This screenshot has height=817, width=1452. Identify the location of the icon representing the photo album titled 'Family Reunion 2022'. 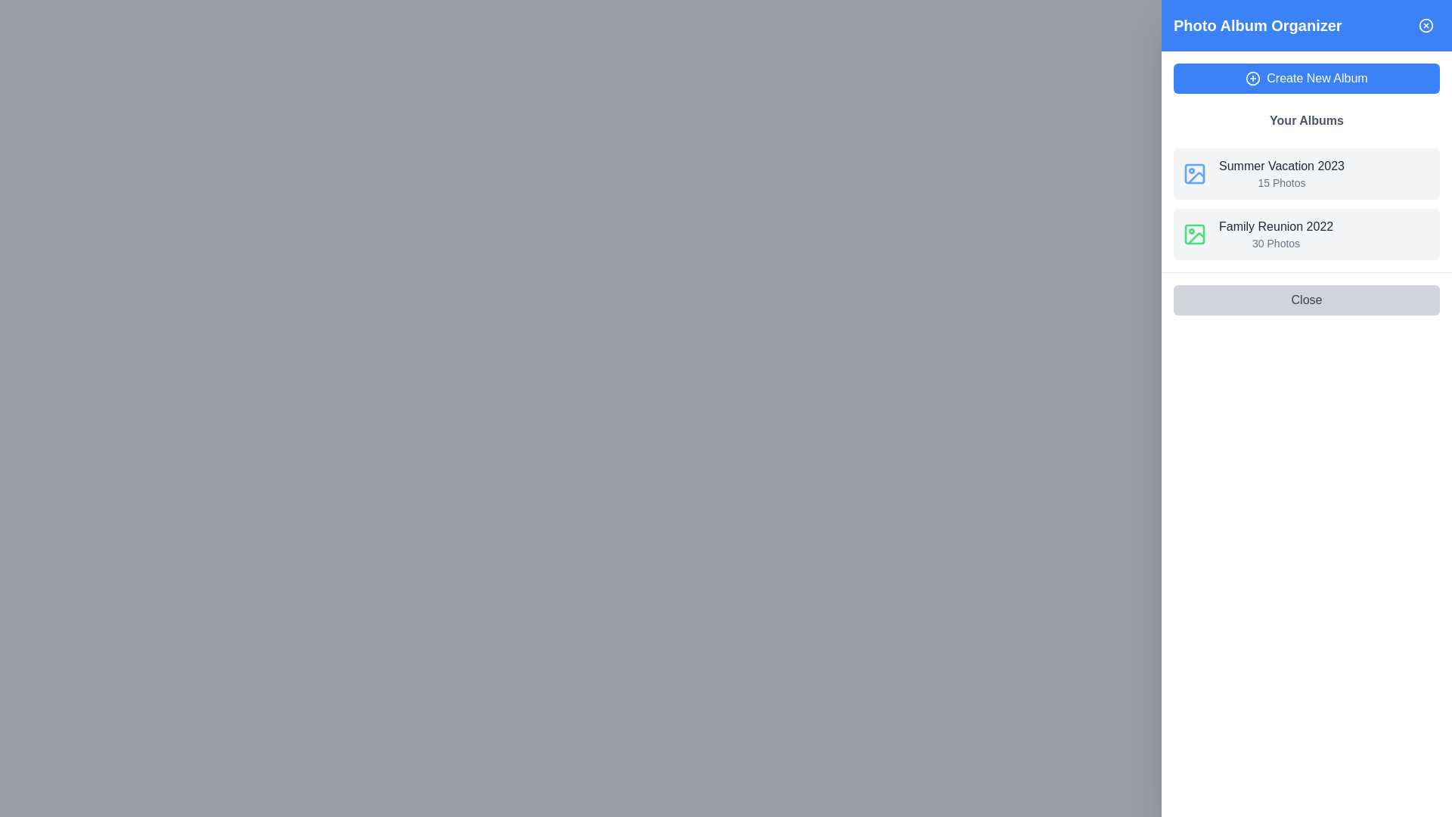
(1193, 234).